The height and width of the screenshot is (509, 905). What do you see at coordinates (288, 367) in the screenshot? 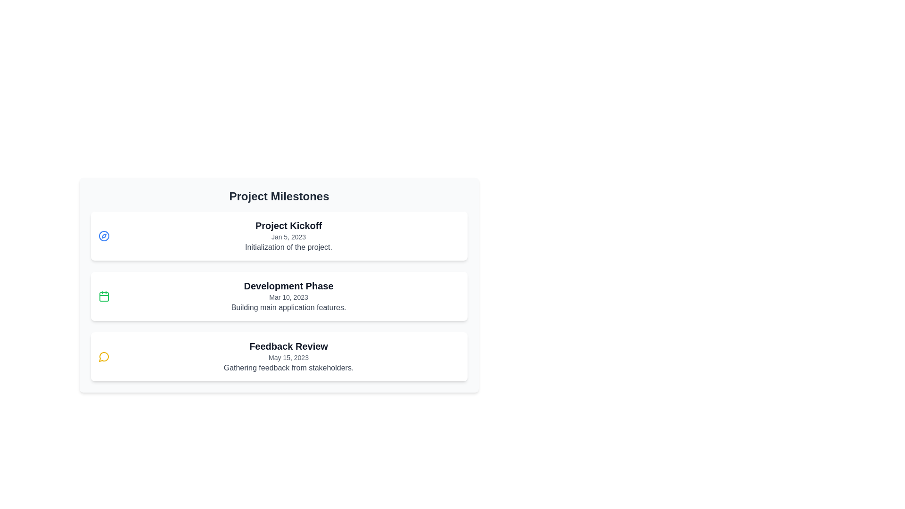
I see `the static text providing additional details about the 'Feedback Review' milestone located under the 'Feedback Review' title and the date ('May 15, 2023')` at bounding box center [288, 367].